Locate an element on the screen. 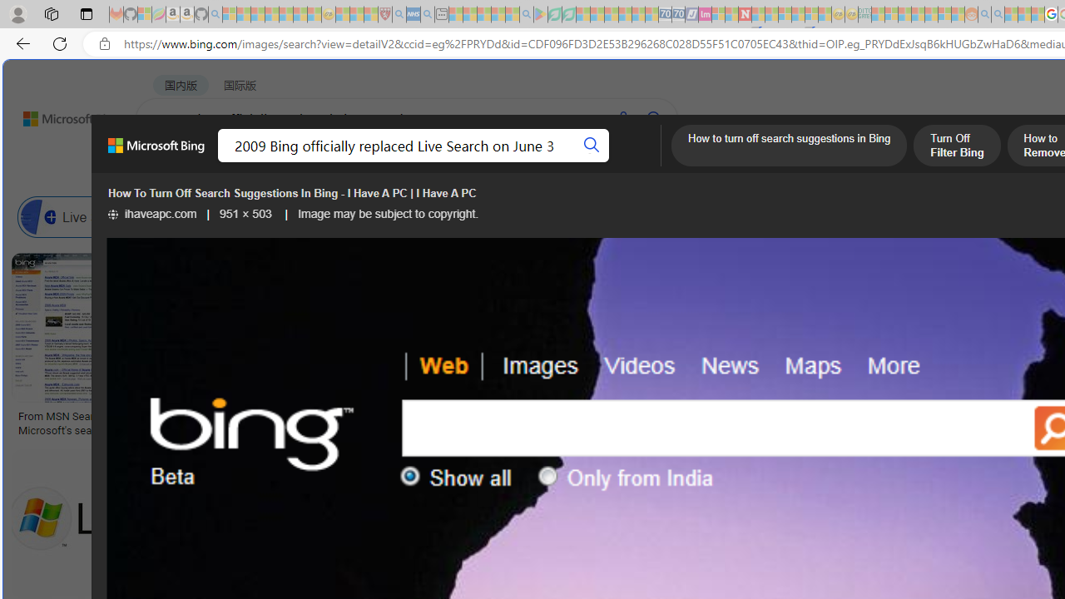 The image size is (1065, 599). 'utah sues federal government - Search - Sleeping' is located at coordinates (427, 14).